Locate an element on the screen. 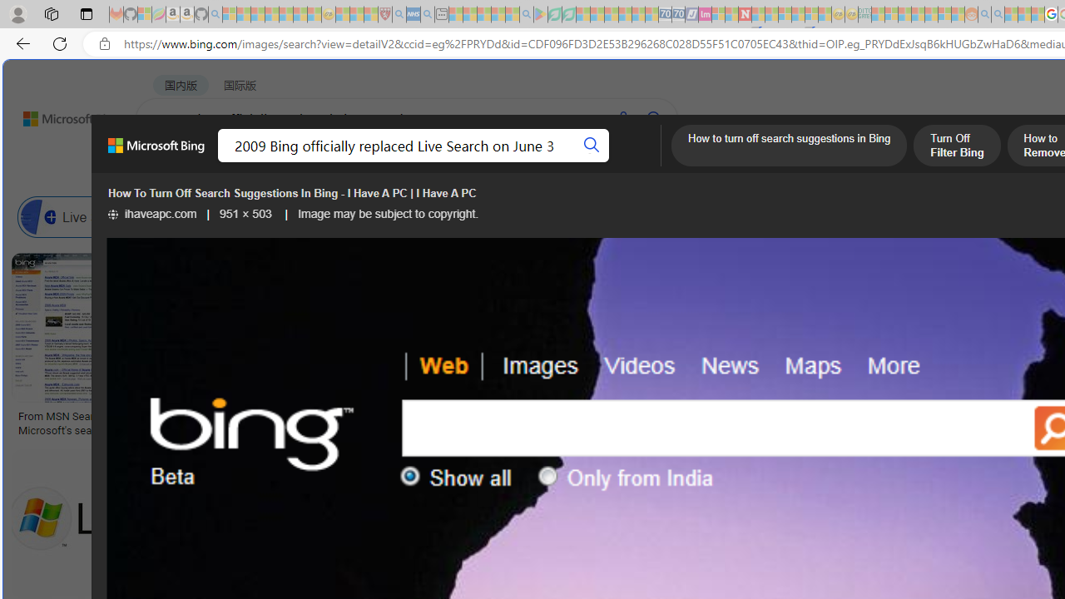 The image size is (1065, 599). 'utah sues federal government - Search - Sleeping' is located at coordinates (427, 14).